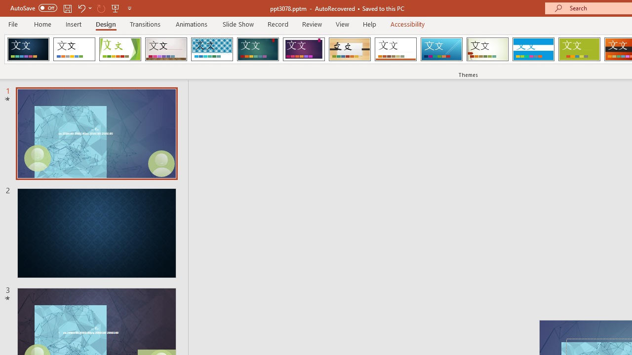 Image resolution: width=632 pixels, height=355 pixels. Describe the element at coordinates (579, 49) in the screenshot. I see `'Basis'` at that location.